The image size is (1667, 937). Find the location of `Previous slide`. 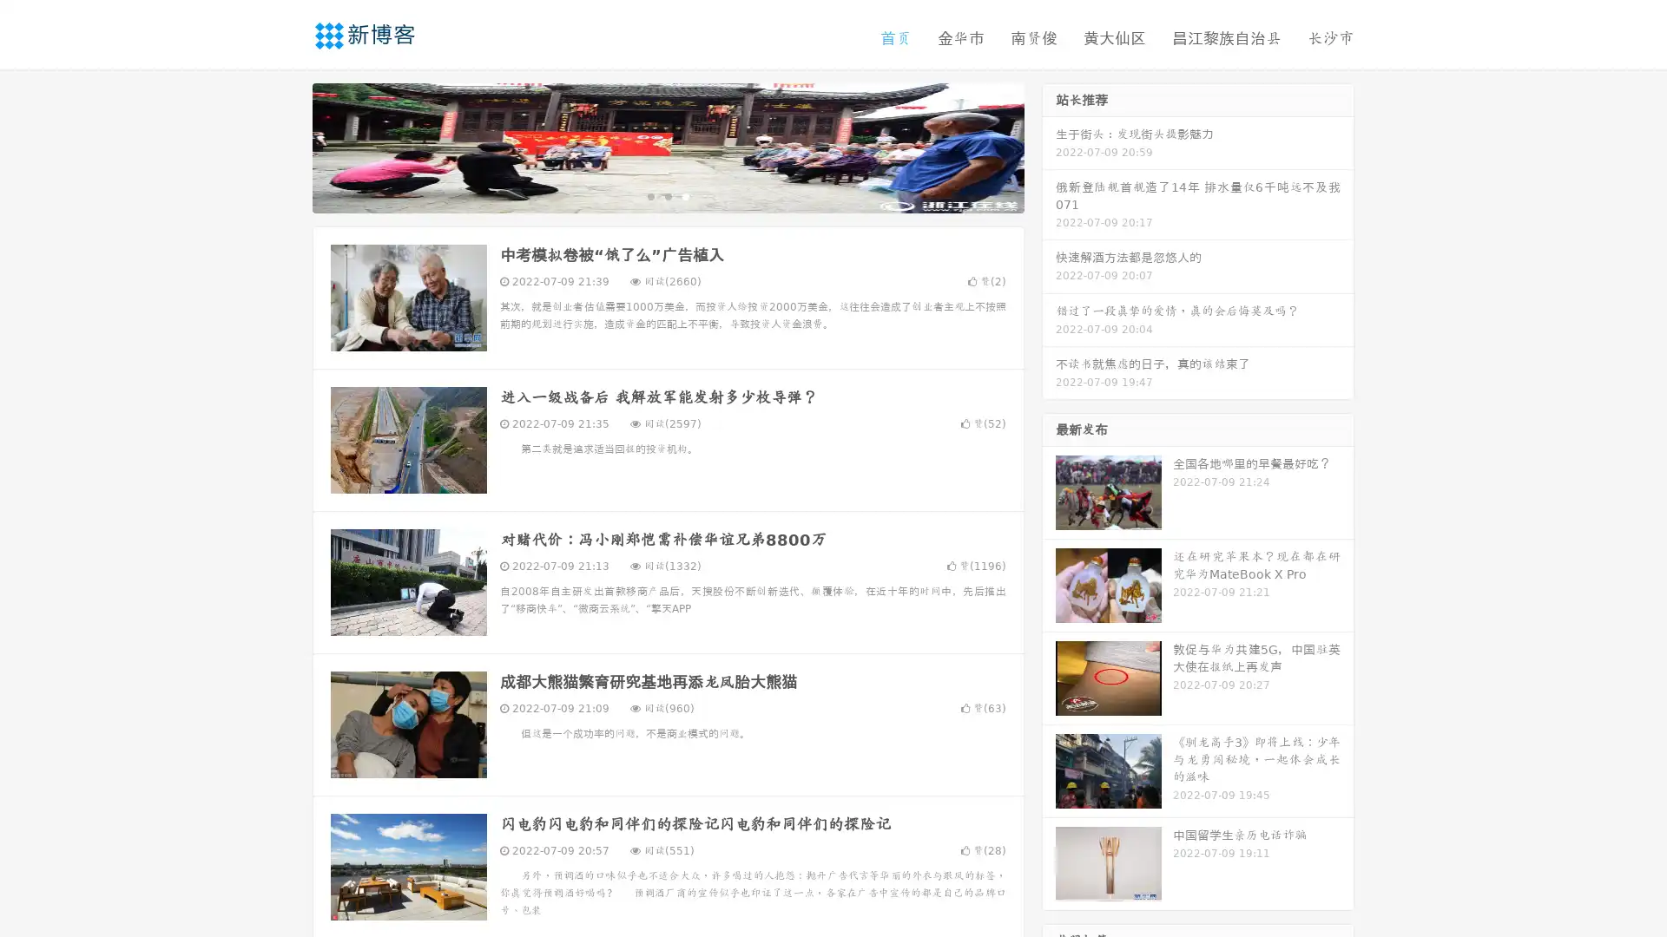

Previous slide is located at coordinates (287, 146).